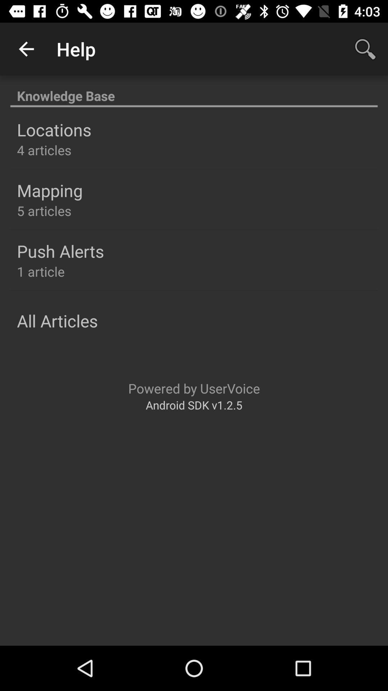 The image size is (388, 691). I want to click on icon above the powered by uservoice icon, so click(57, 320).